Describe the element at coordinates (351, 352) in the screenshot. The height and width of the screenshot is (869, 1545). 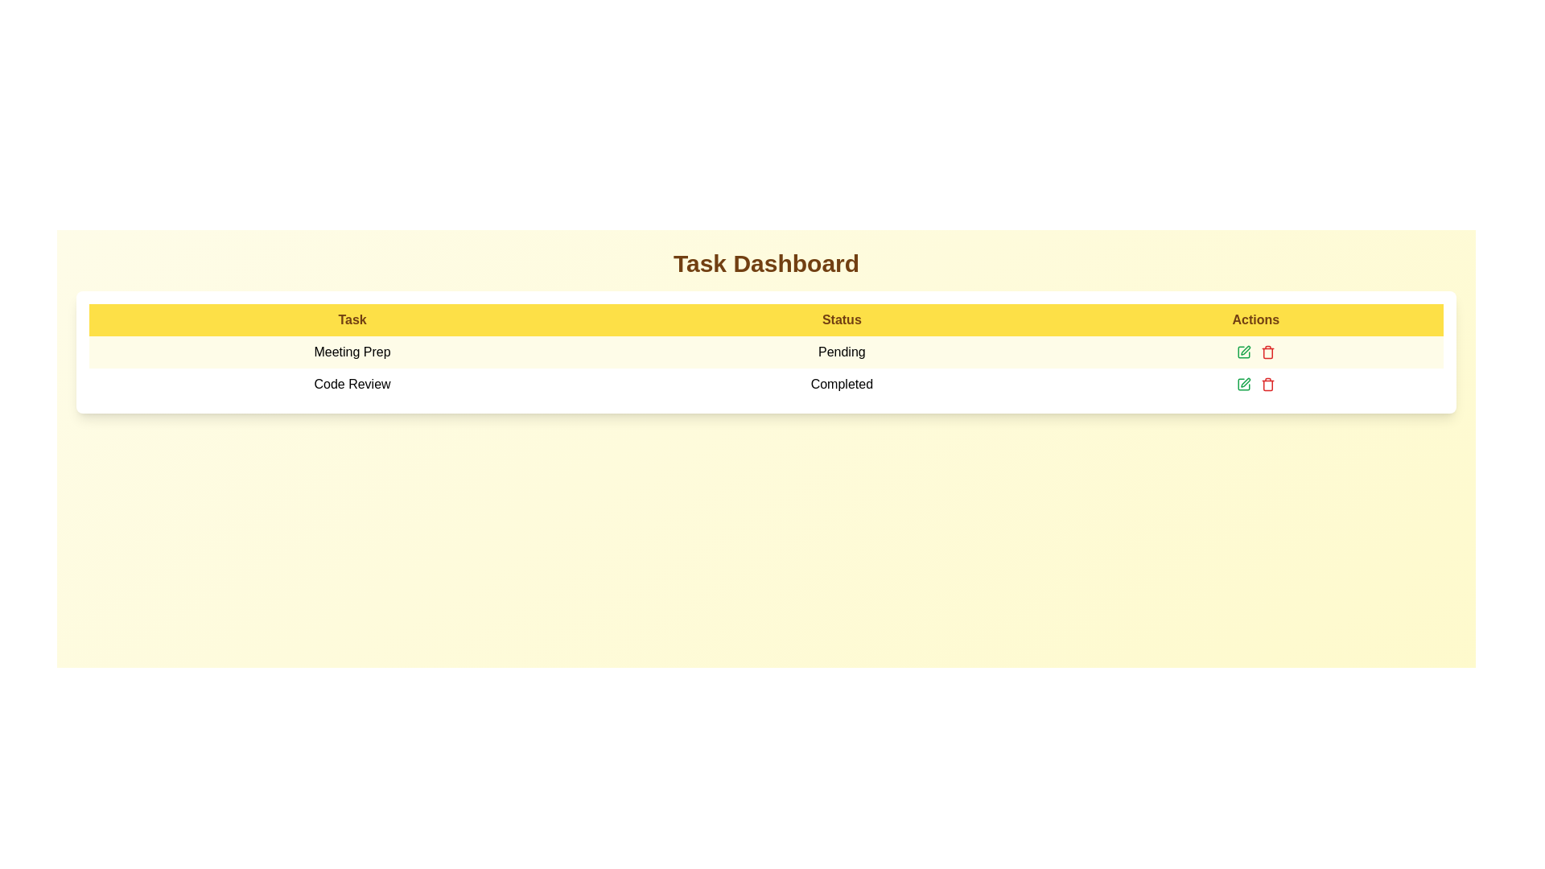
I see `text displayed in the 'Meeting Prep' label, which is the first element in the task list under the 'Task' header` at that location.